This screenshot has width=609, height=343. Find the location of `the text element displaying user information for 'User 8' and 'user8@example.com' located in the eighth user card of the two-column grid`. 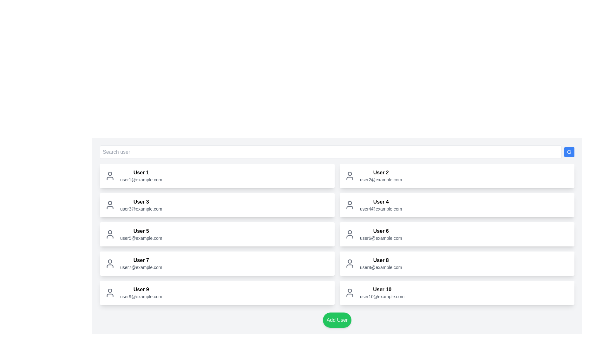

the text element displaying user information for 'User 8' and 'user8@example.com' located in the eighth user card of the two-column grid is located at coordinates (381, 263).